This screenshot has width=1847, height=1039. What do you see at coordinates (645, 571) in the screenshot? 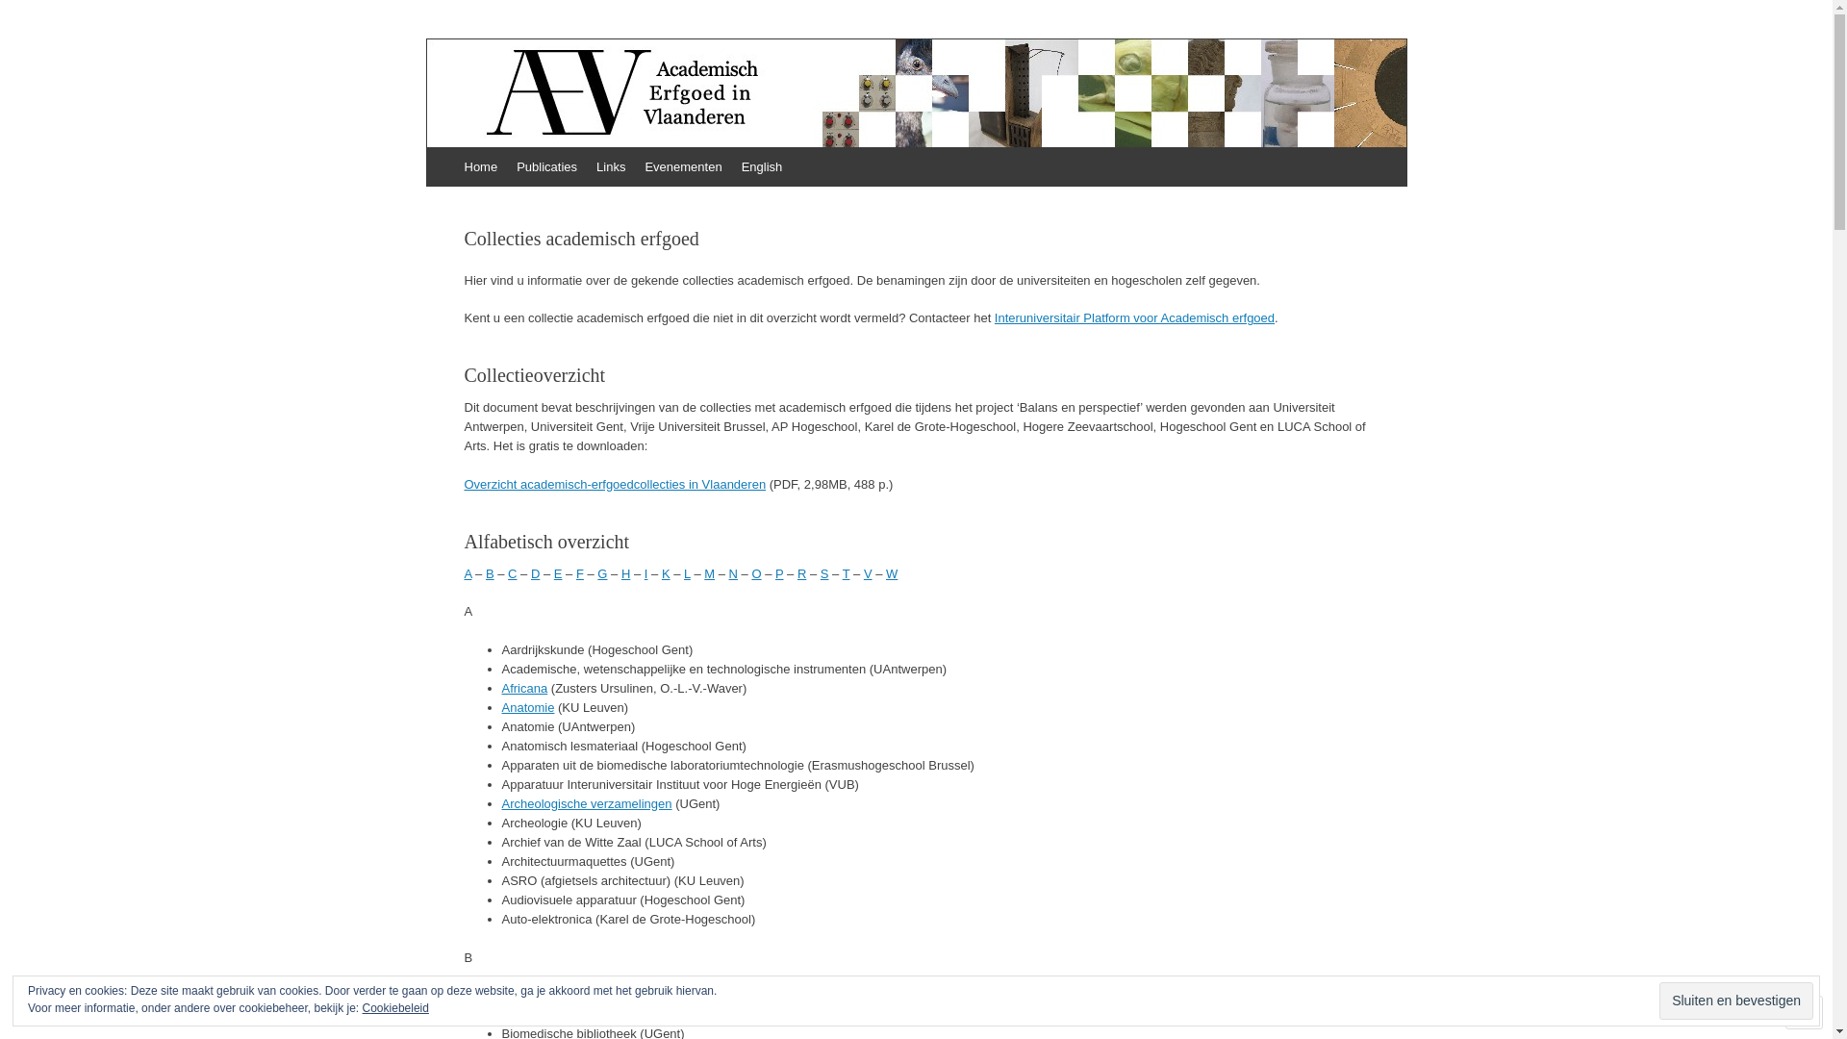
I see `'I'` at bounding box center [645, 571].